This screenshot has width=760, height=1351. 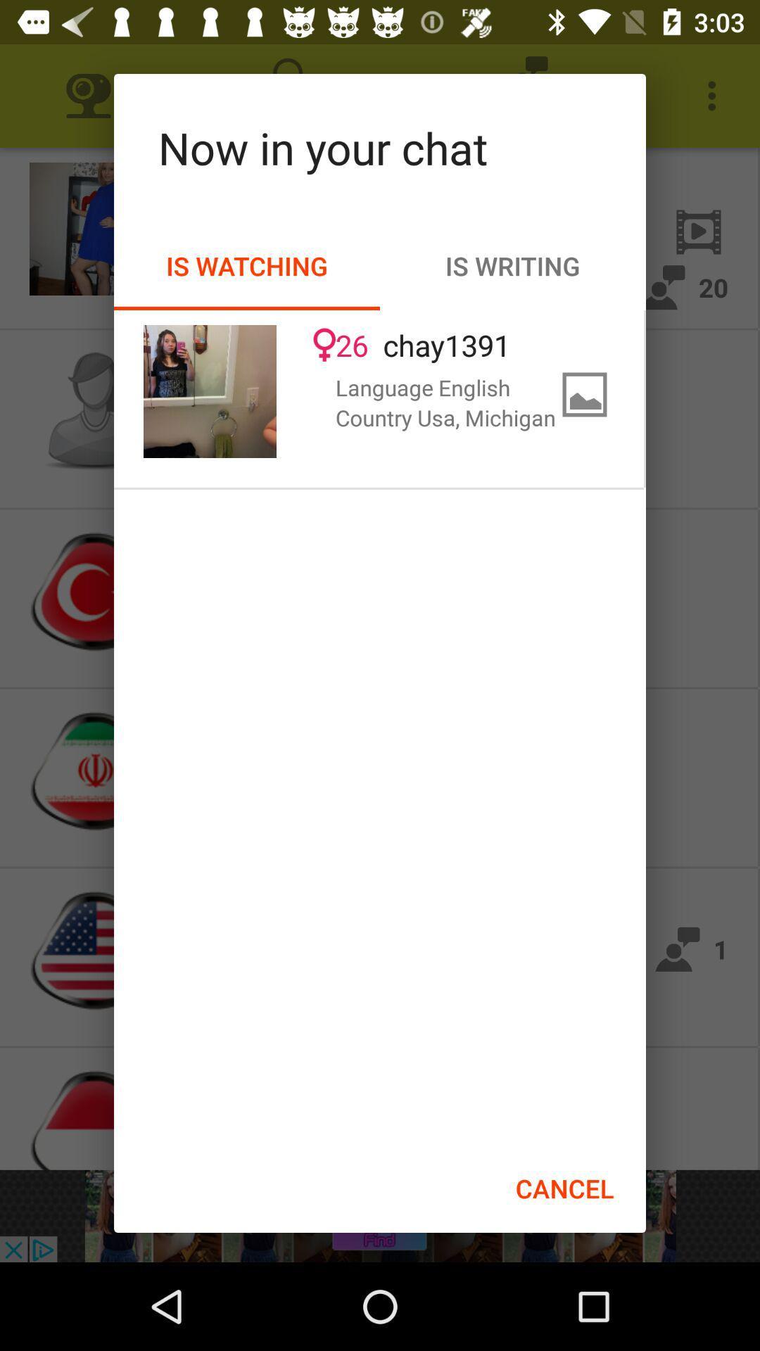 I want to click on cancel, so click(x=564, y=1188).